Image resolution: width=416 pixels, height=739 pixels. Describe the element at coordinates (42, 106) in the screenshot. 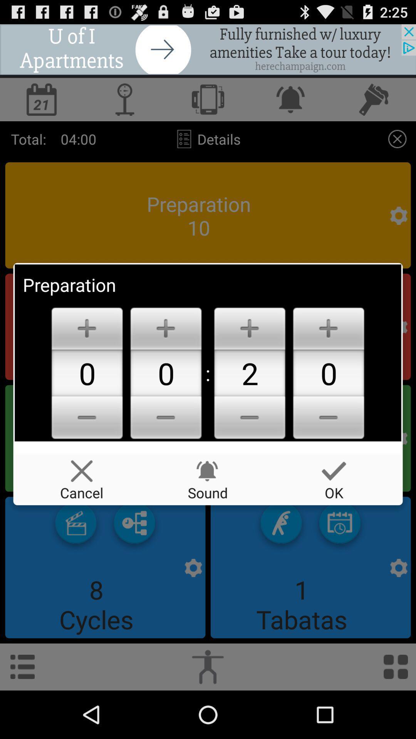

I see `the date_range icon` at that location.